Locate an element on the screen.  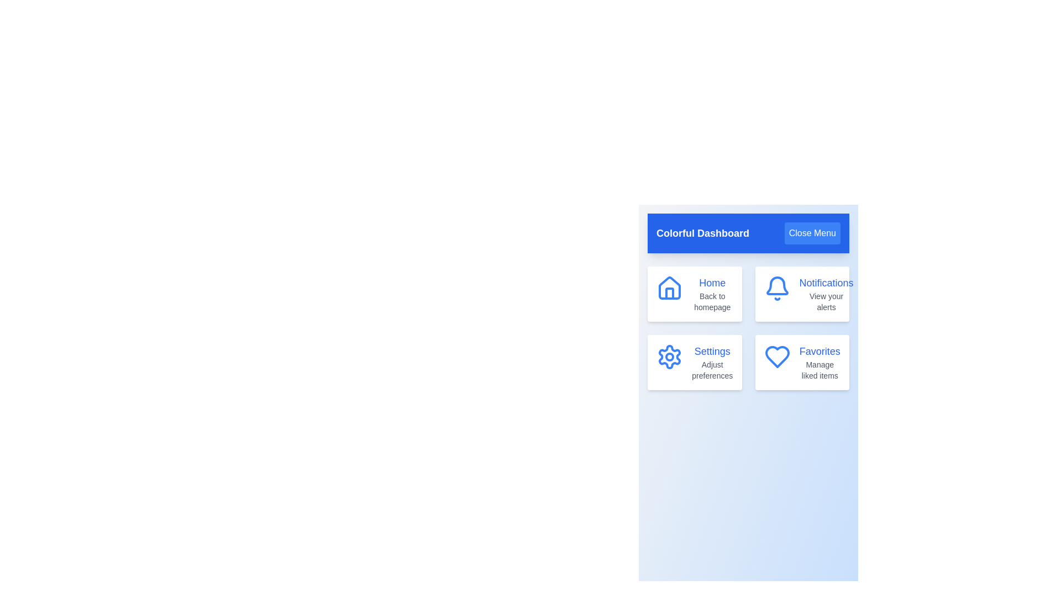
the 'Close Menu' button to toggle the menu visibility is located at coordinates (812, 233).